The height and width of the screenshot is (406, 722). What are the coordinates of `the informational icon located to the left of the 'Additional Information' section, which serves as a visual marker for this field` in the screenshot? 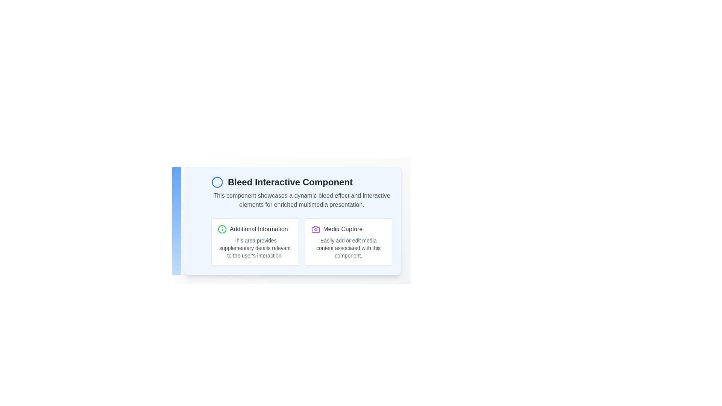 It's located at (221, 229).